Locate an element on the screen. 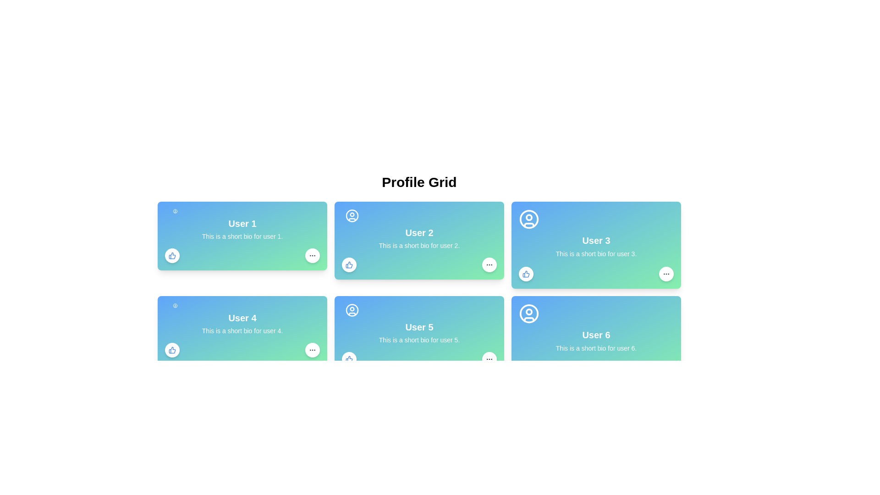  small circle within the user profile icon located at the top-left corner of the card labeled 'User 6.' is located at coordinates (529, 311).